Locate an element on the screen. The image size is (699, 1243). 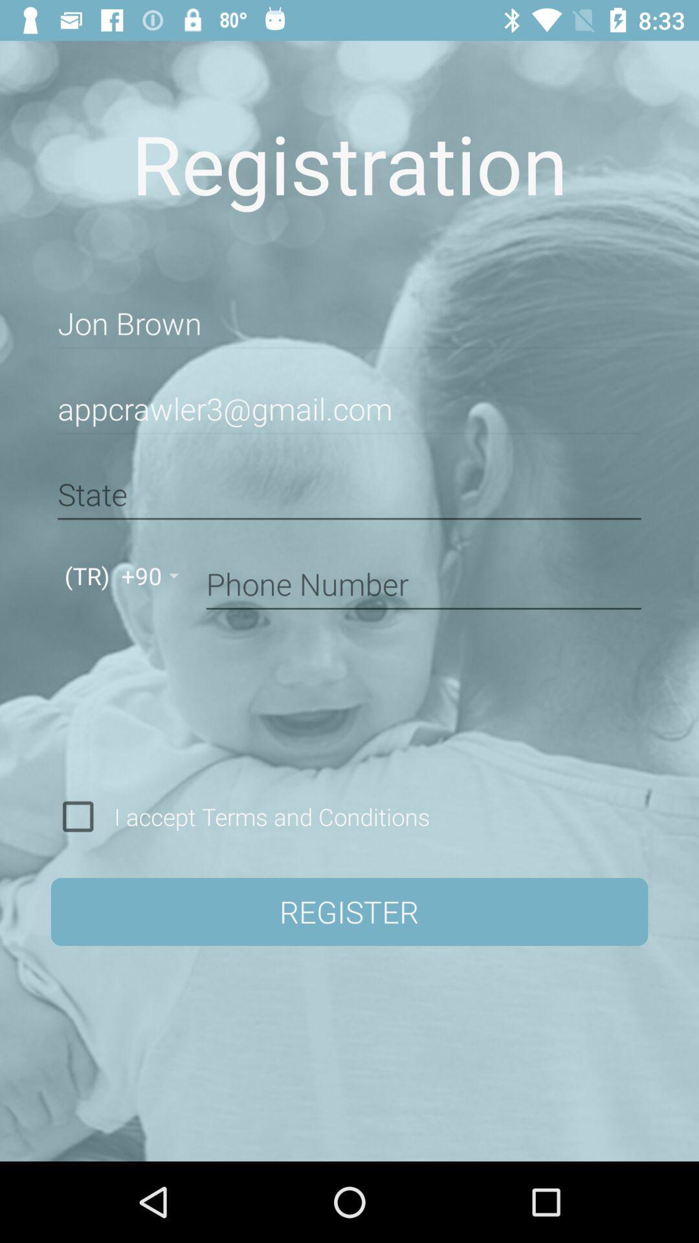
phone number is located at coordinates (423, 581).